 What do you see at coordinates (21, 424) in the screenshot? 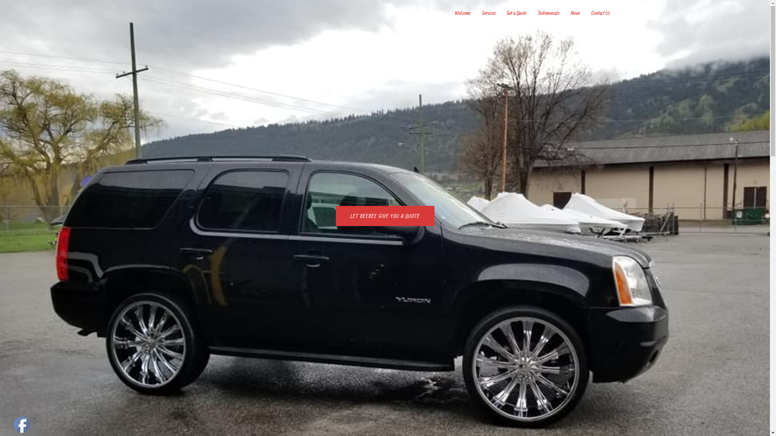
I see `'Facebook'` at bounding box center [21, 424].